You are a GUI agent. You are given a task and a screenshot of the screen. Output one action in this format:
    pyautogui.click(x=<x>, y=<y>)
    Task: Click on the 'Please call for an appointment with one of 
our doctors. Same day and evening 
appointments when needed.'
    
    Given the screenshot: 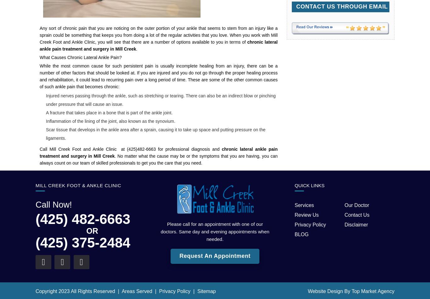 What is the action you would take?
    pyautogui.click(x=214, y=231)
    